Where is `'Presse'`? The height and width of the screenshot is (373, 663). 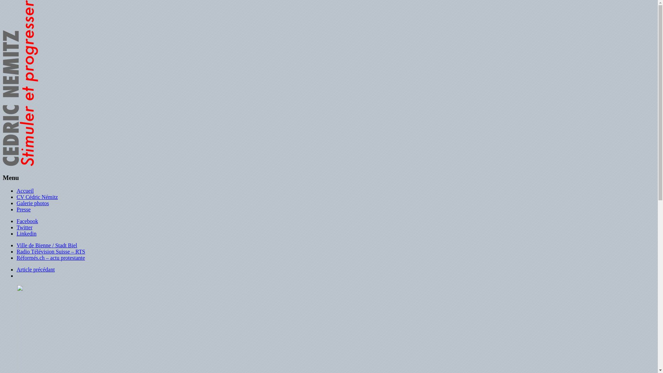 'Presse' is located at coordinates (23, 209).